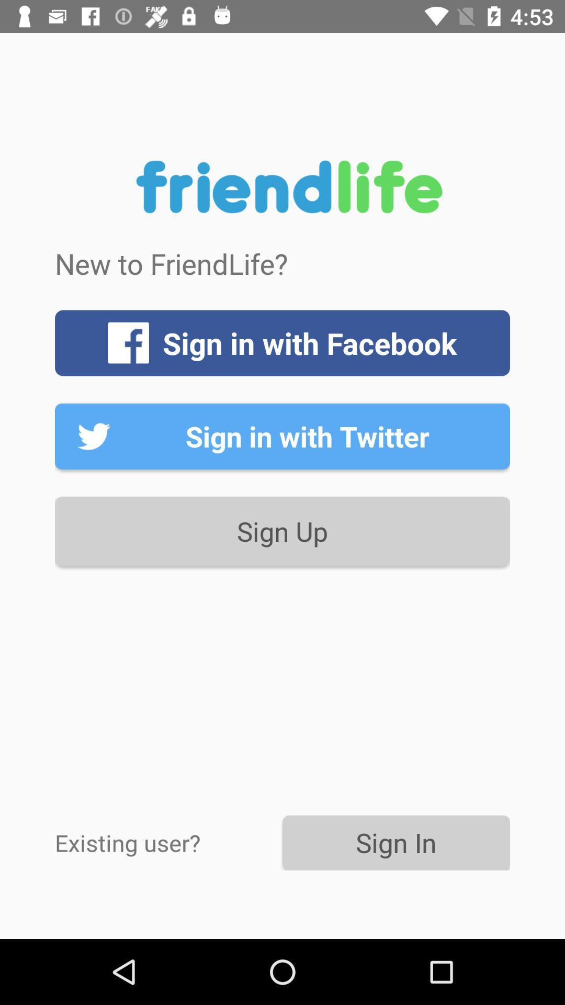 Image resolution: width=565 pixels, height=1005 pixels. What do you see at coordinates (168, 842) in the screenshot?
I see `the existing user? at the bottom left corner` at bounding box center [168, 842].